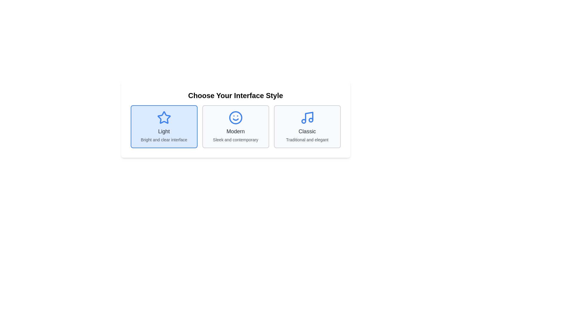 The image size is (573, 322). Describe the element at coordinates (164, 126) in the screenshot. I see `the 'Light' theme button in the style chooser to observe any tooltip or visual effect` at that location.